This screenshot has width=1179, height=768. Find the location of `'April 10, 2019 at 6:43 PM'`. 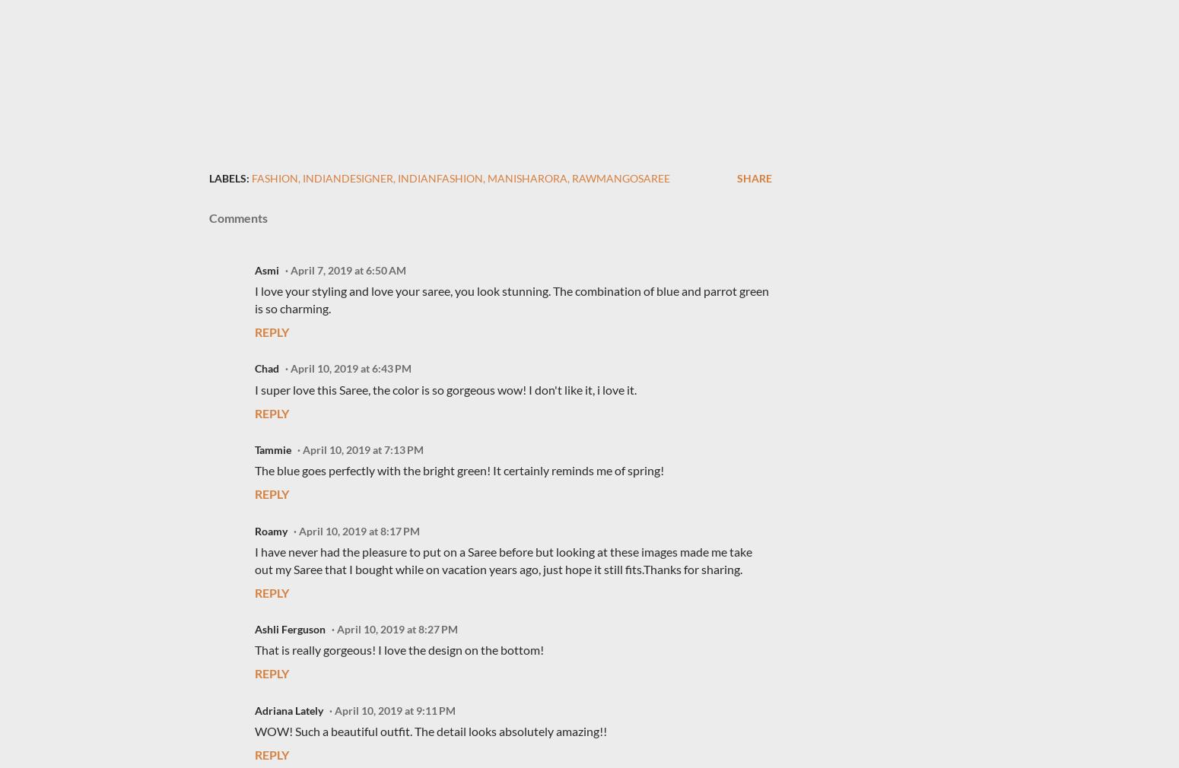

'April 10, 2019 at 6:43 PM' is located at coordinates (290, 368).